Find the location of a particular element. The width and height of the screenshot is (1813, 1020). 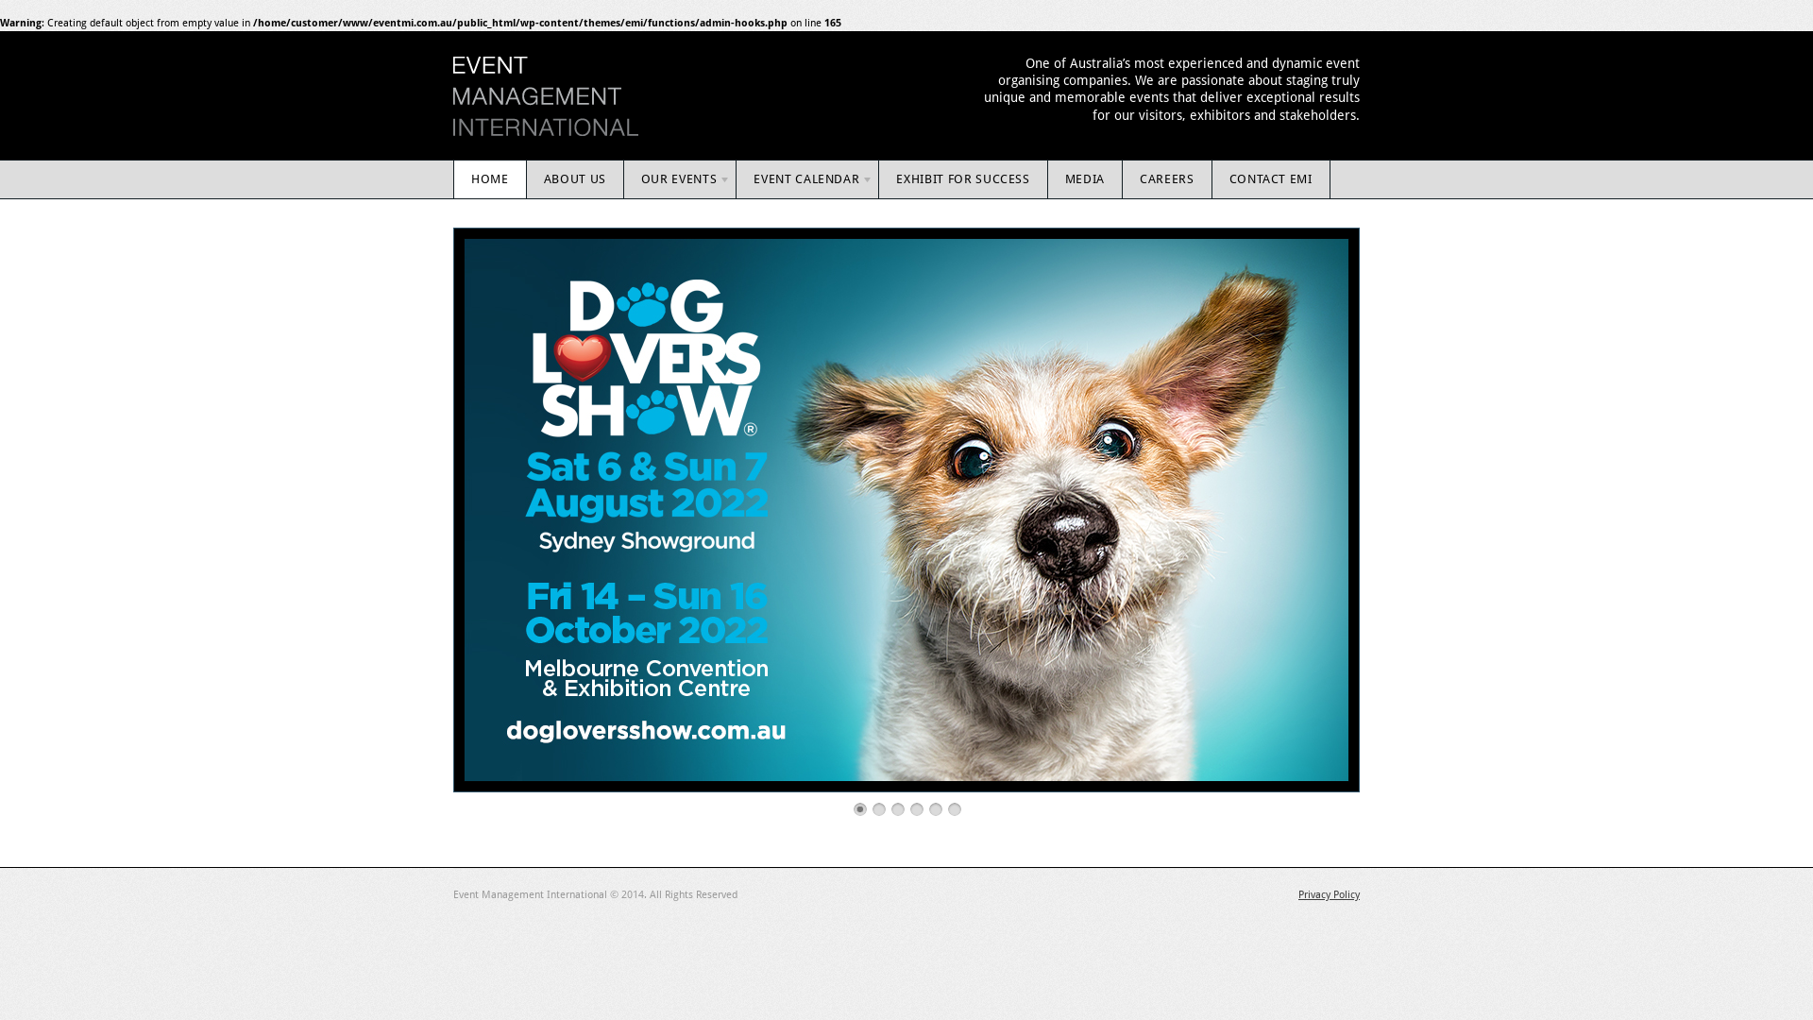

'ABOUT US' is located at coordinates (574, 178).